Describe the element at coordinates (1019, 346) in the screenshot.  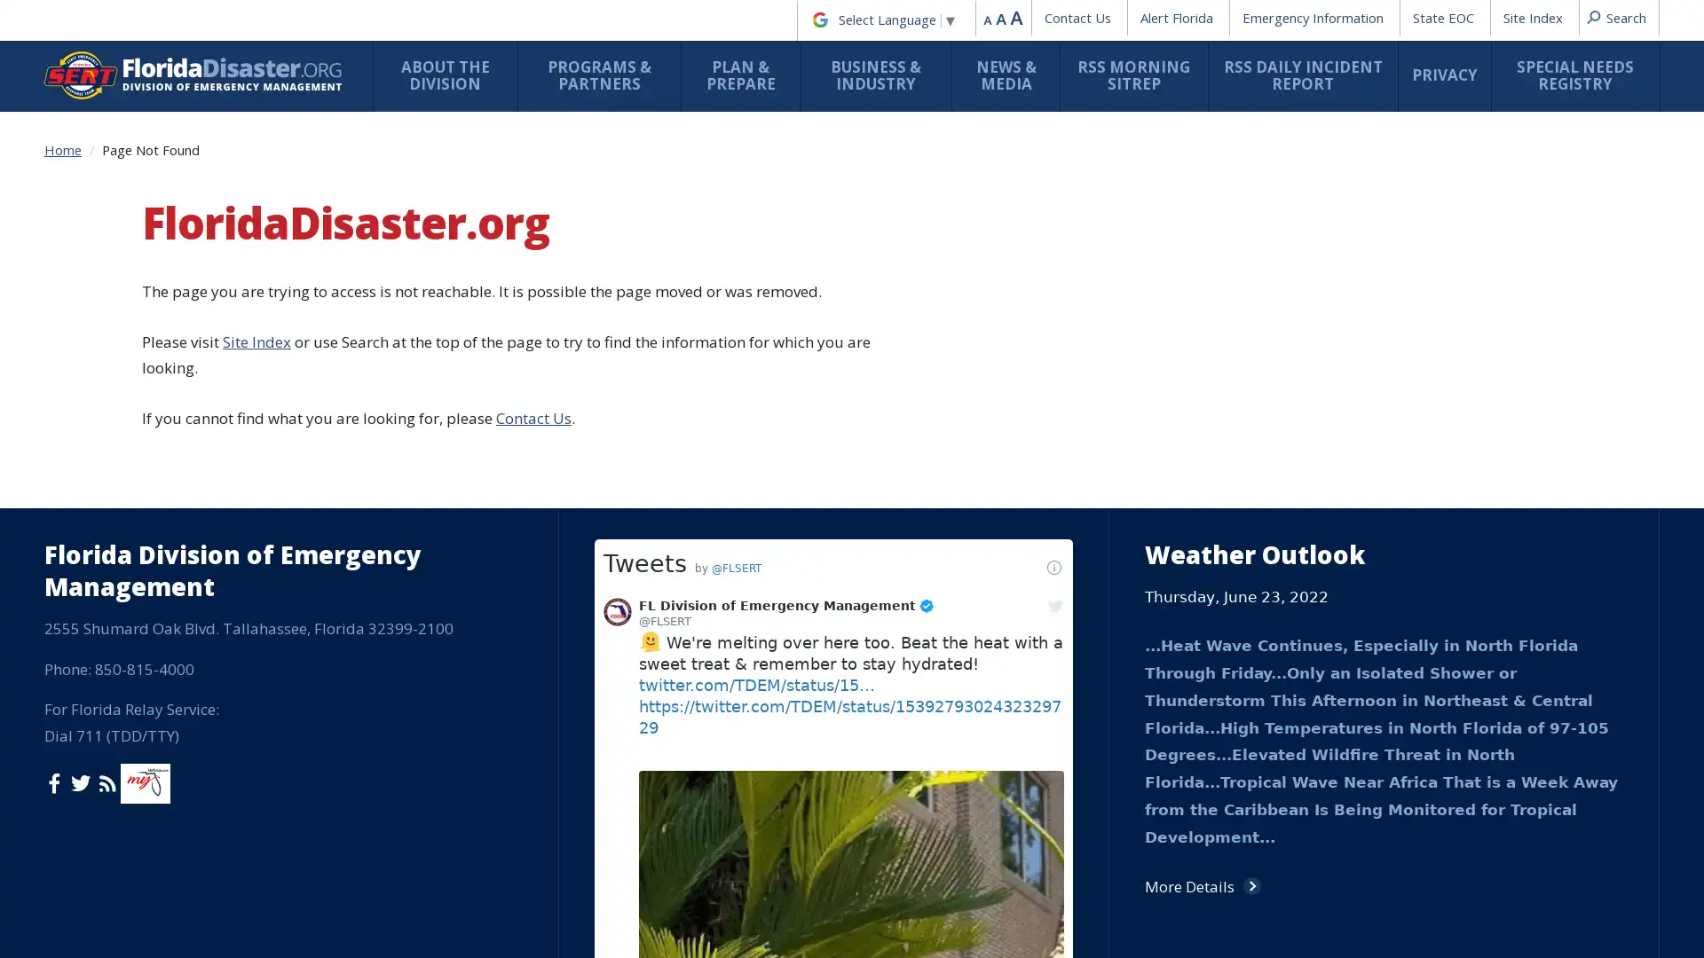
I see `Toggle More` at that location.